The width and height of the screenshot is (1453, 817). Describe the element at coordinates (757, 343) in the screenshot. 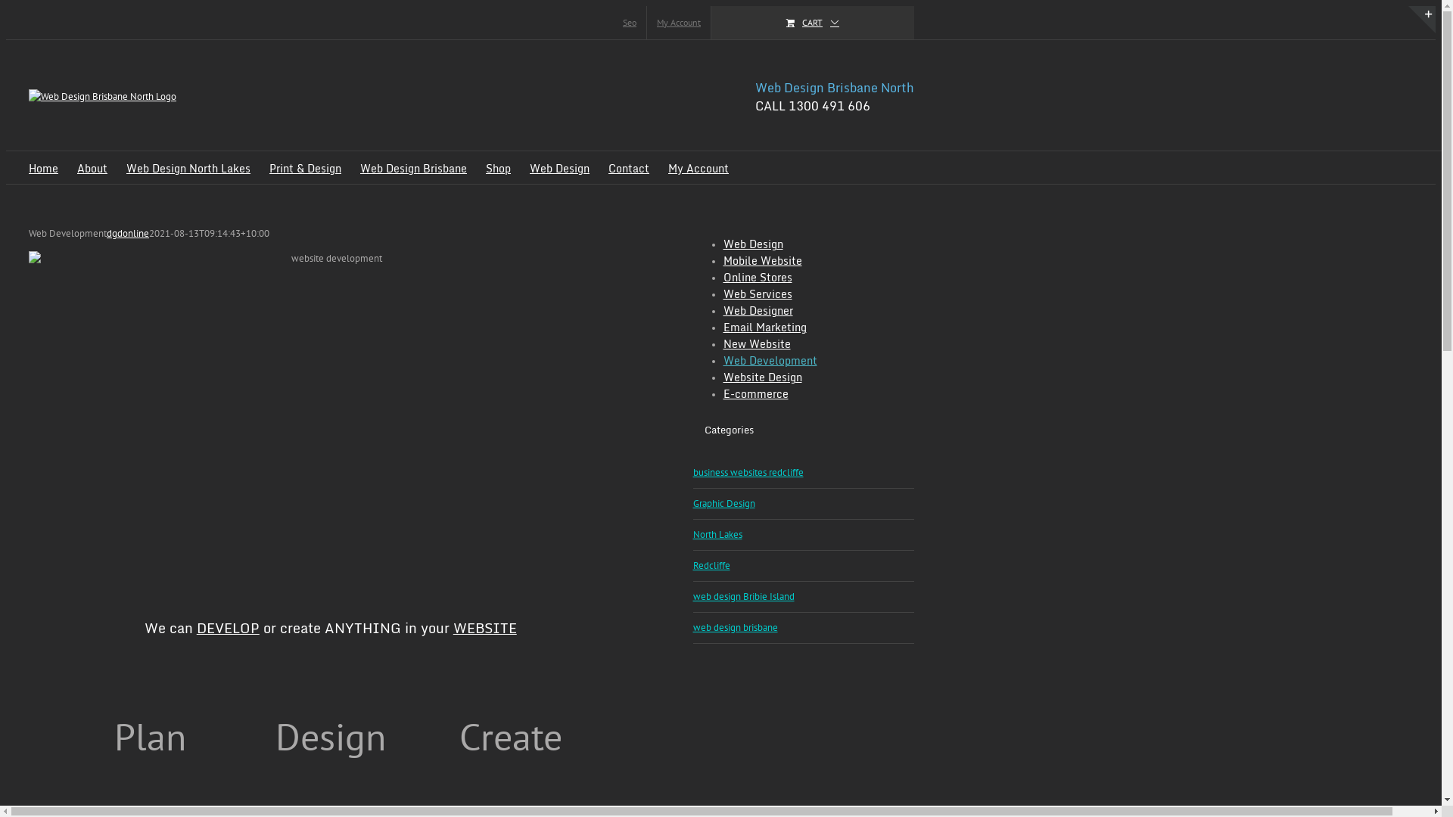

I see `'New Website'` at that location.